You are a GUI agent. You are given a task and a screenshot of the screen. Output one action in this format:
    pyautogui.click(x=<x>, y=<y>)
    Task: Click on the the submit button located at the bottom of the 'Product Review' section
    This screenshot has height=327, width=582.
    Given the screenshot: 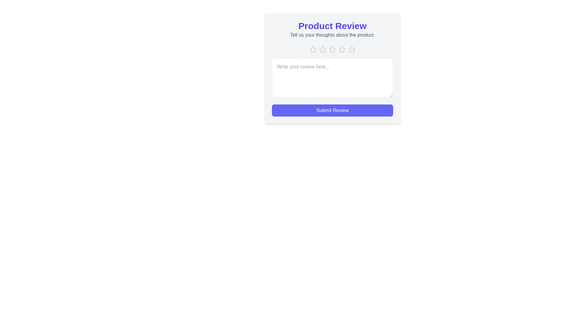 What is the action you would take?
    pyautogui.click(x=332, y=111)
    